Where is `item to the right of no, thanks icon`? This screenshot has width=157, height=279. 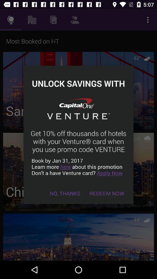
item to the right of no, thanks icon is located at coordinates (106, 193).